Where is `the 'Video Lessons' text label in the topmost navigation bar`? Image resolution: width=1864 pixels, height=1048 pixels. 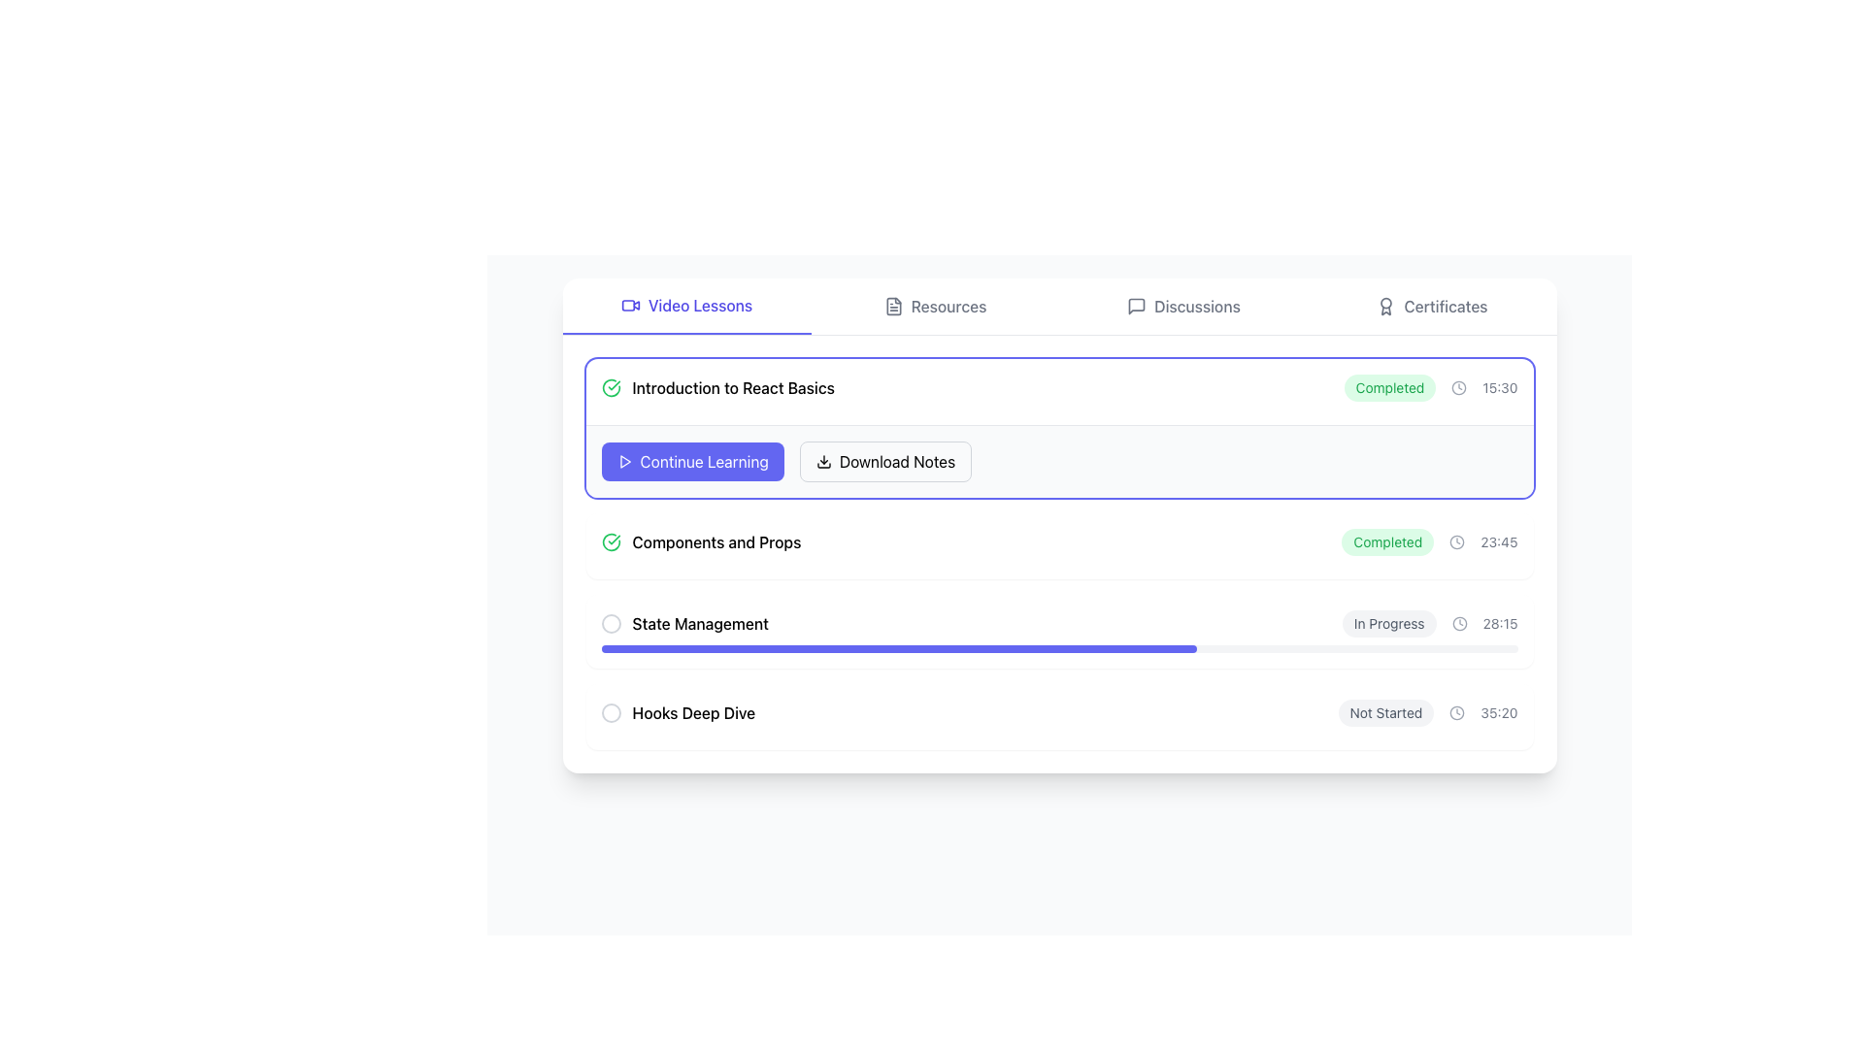 the 'Video Lessons' text label in the topmost navigation bar is located at coordinates (699, 306).